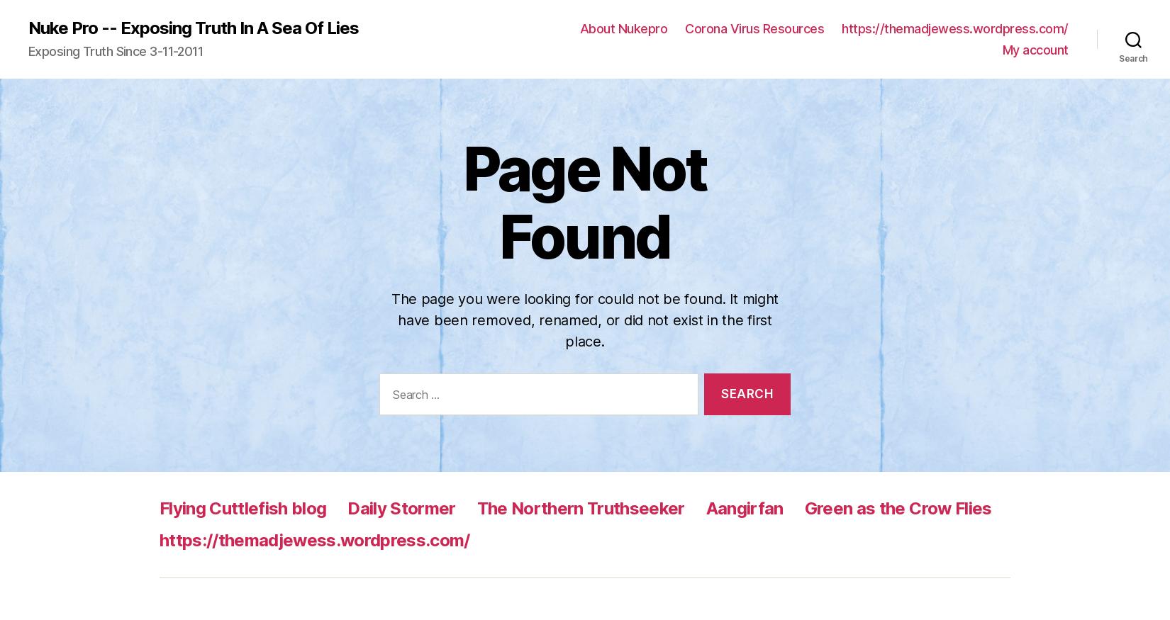  Describe the element at coordinates (160, 485) in the screenshot. I see `'Excess Deaths Continue, Permanent Harm From mRNA Injections'` at that location.